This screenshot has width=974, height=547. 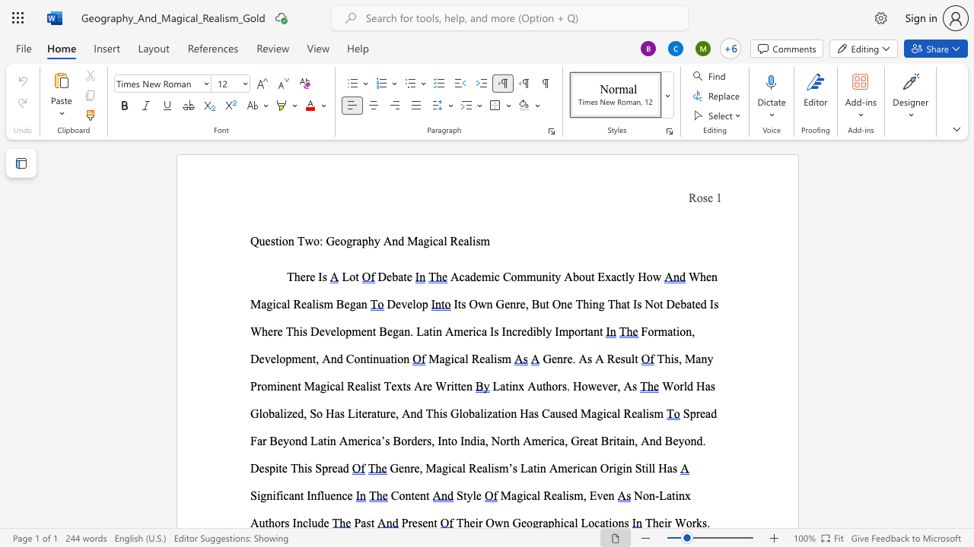 I want to click on the space between the continuous character "h" and "o" in the text, so click(x=551, y=385).